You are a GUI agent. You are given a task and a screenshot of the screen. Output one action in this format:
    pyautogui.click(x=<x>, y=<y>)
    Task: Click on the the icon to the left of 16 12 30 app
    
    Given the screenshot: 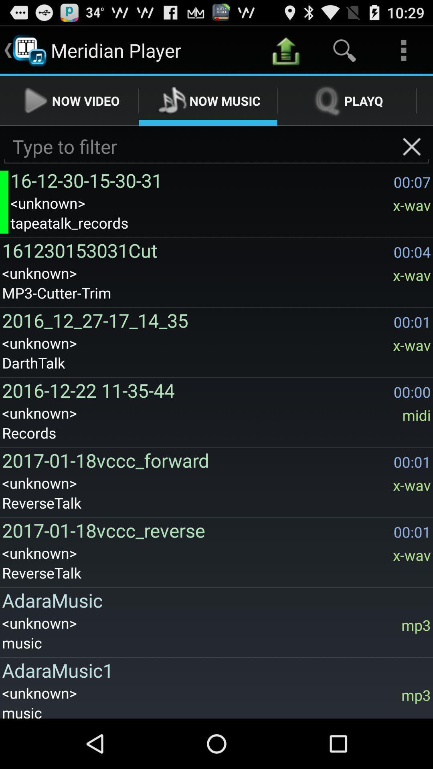 What is the action you would take?
    pyautogui.click(x=4, y=202)
    